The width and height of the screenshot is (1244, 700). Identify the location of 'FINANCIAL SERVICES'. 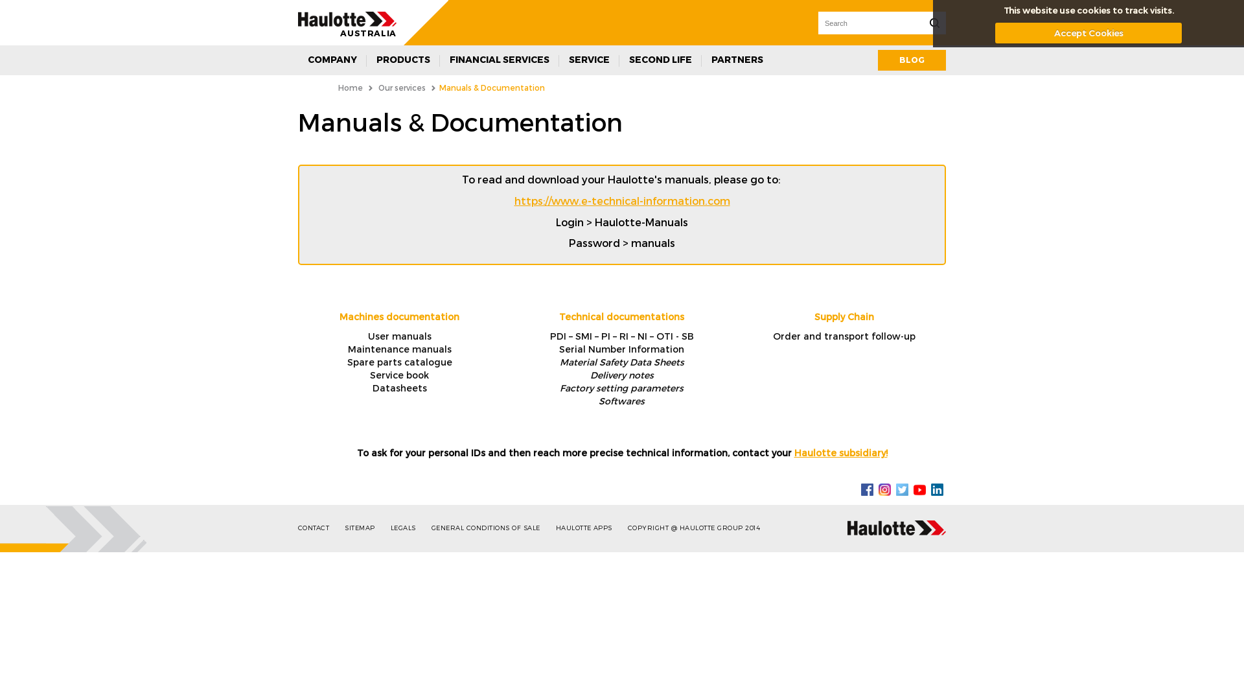
(499, 60).